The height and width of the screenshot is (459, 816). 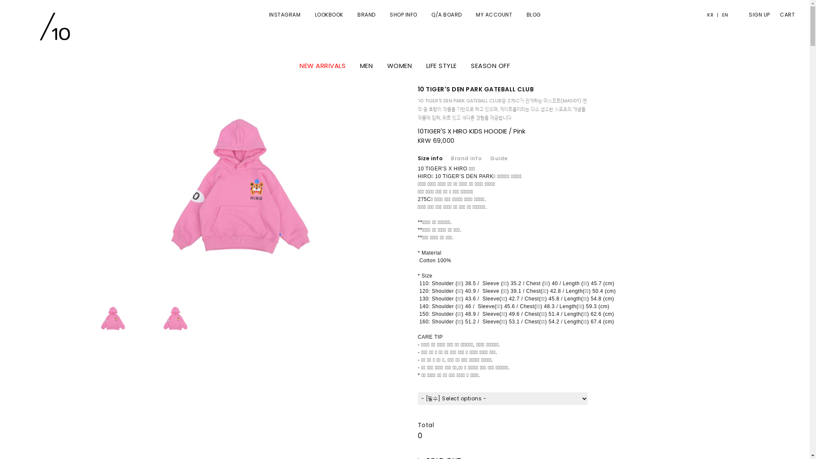 What do you see at coordinates (399, 65) in the screenshot?
I see `'WOMEN'` at bounding box center [399, 65].